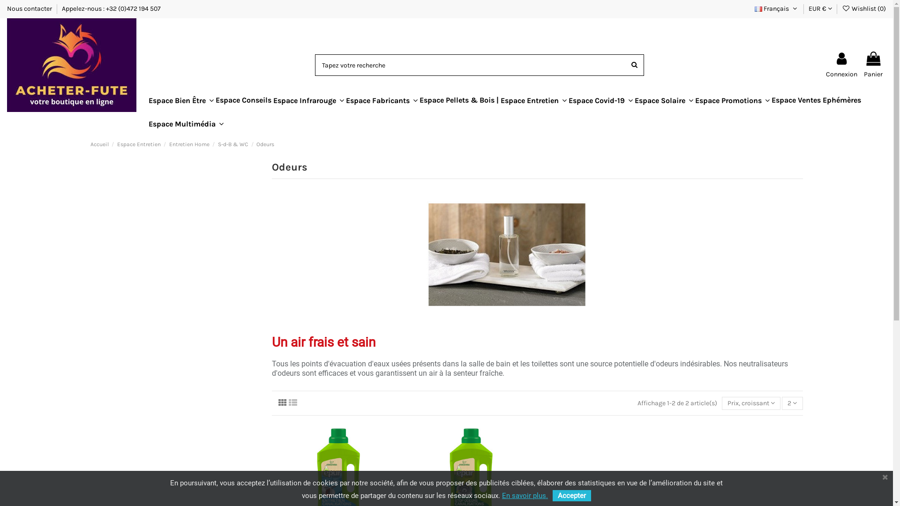 The width and height of the screenshot is (900, 506). What do you see at coordinates (99, 144) in the screenshot?
I see `'Accueil'` at bounding box center [99, 144].